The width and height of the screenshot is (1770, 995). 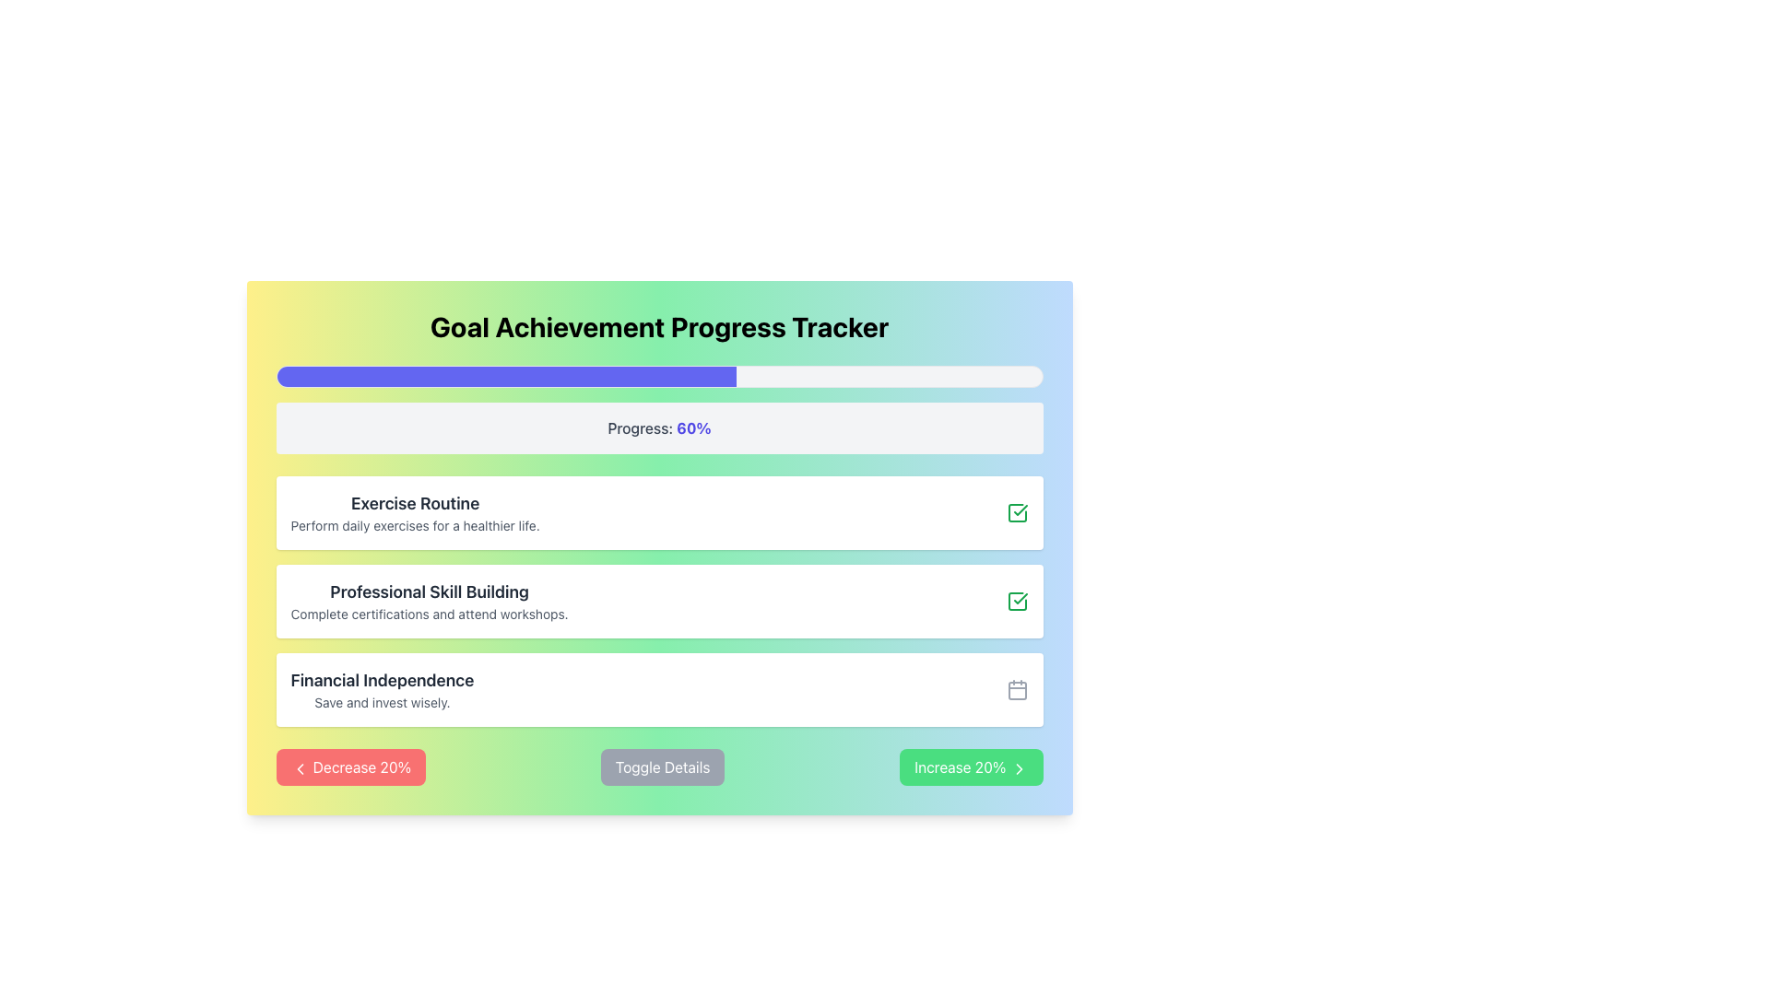 I want to click on the 'Toggle Details' button, which is a rectangular button with a gray background, rounded corners, and white centered text, so click(x=663, y=767).